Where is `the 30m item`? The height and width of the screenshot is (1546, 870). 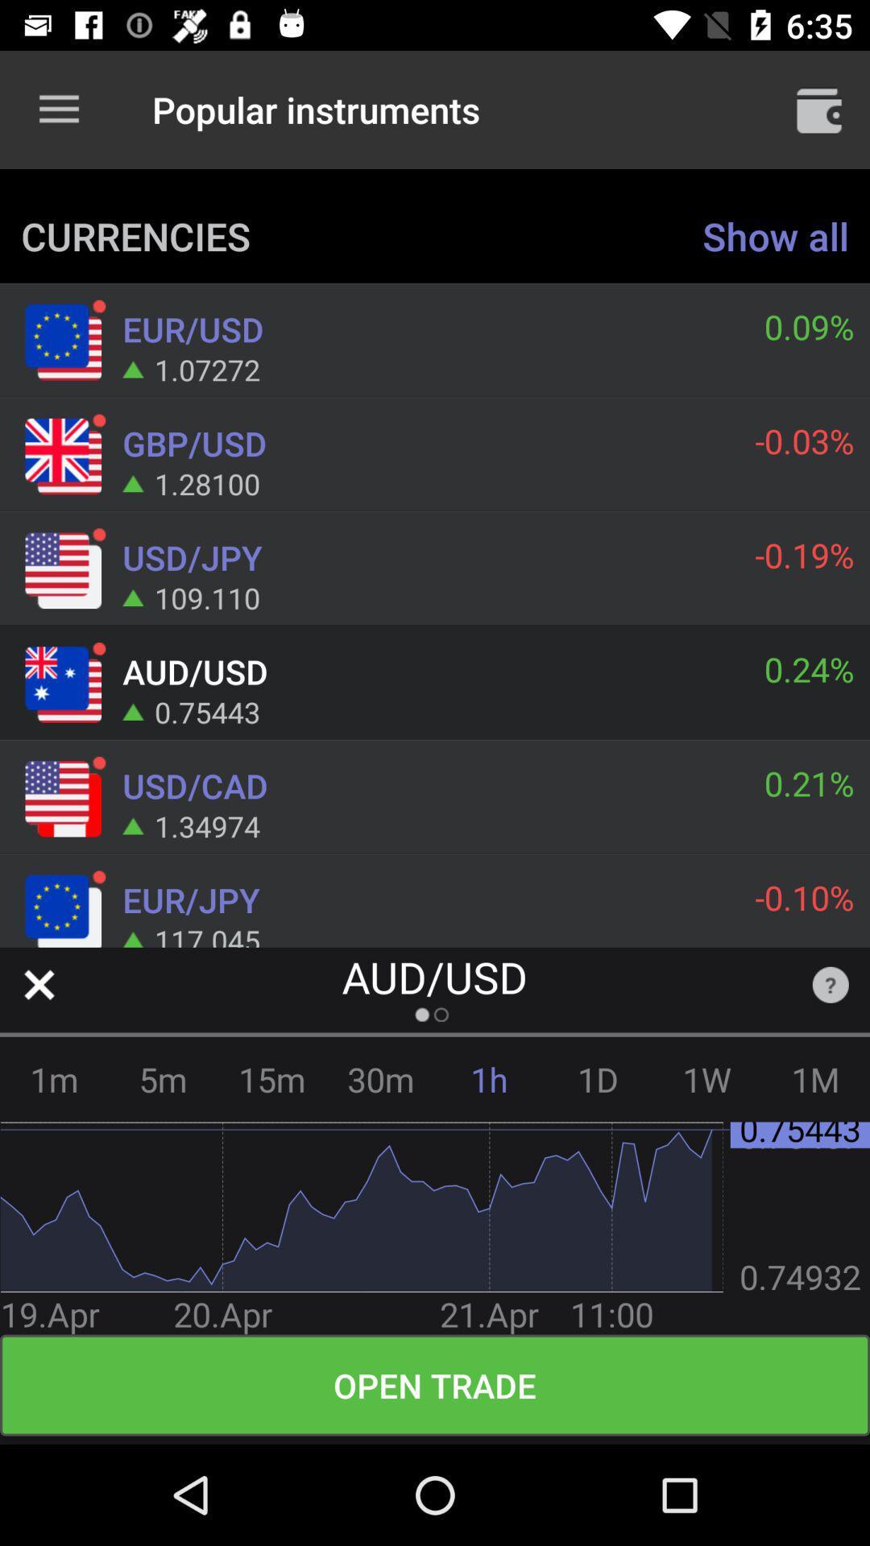
the 30m item is located at coordinates (380, 1079).